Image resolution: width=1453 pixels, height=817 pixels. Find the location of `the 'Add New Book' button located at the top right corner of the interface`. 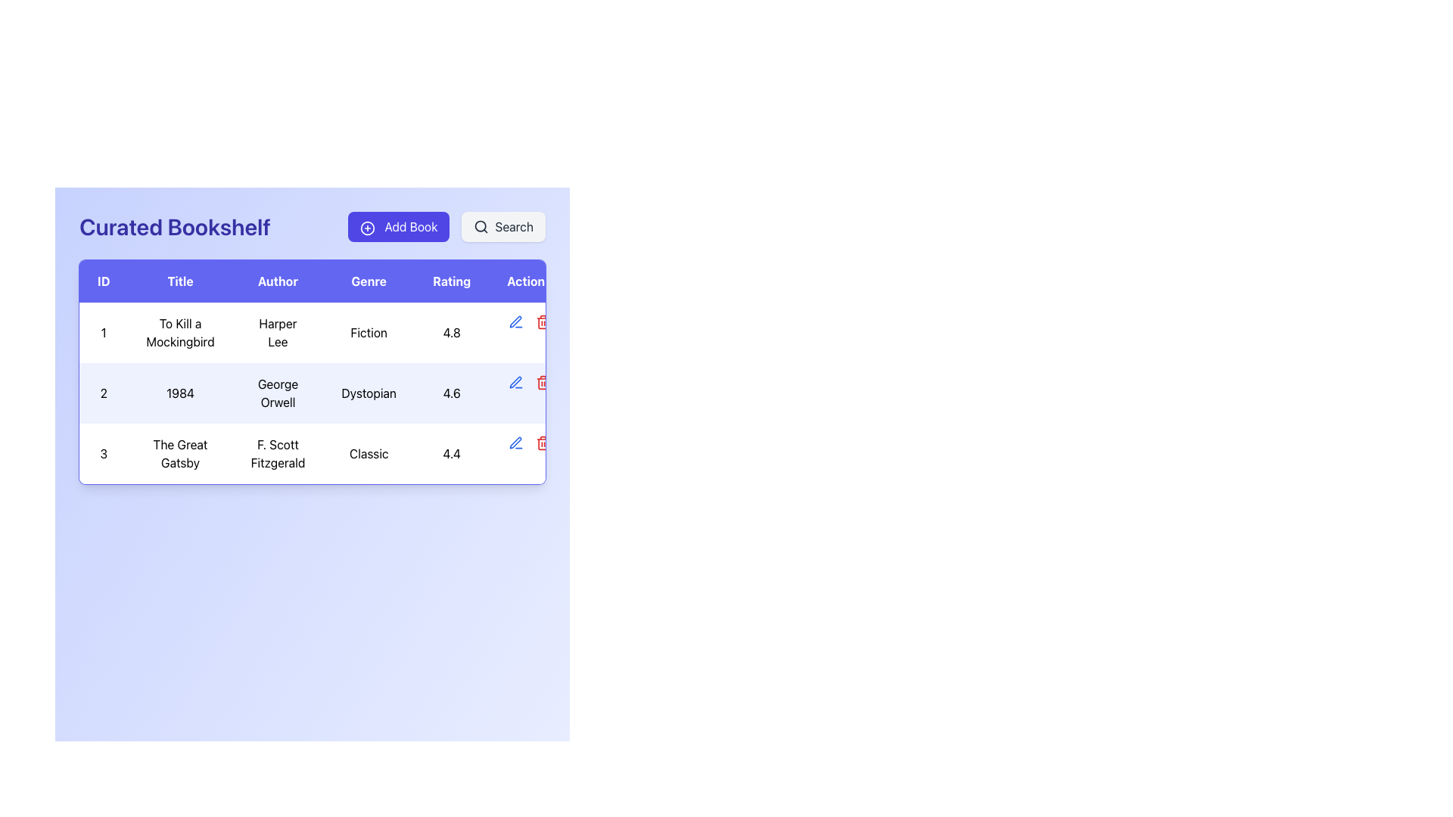

the 'Add New Book' button located at the top right corner of the interface is located at coordinates (399, 227).